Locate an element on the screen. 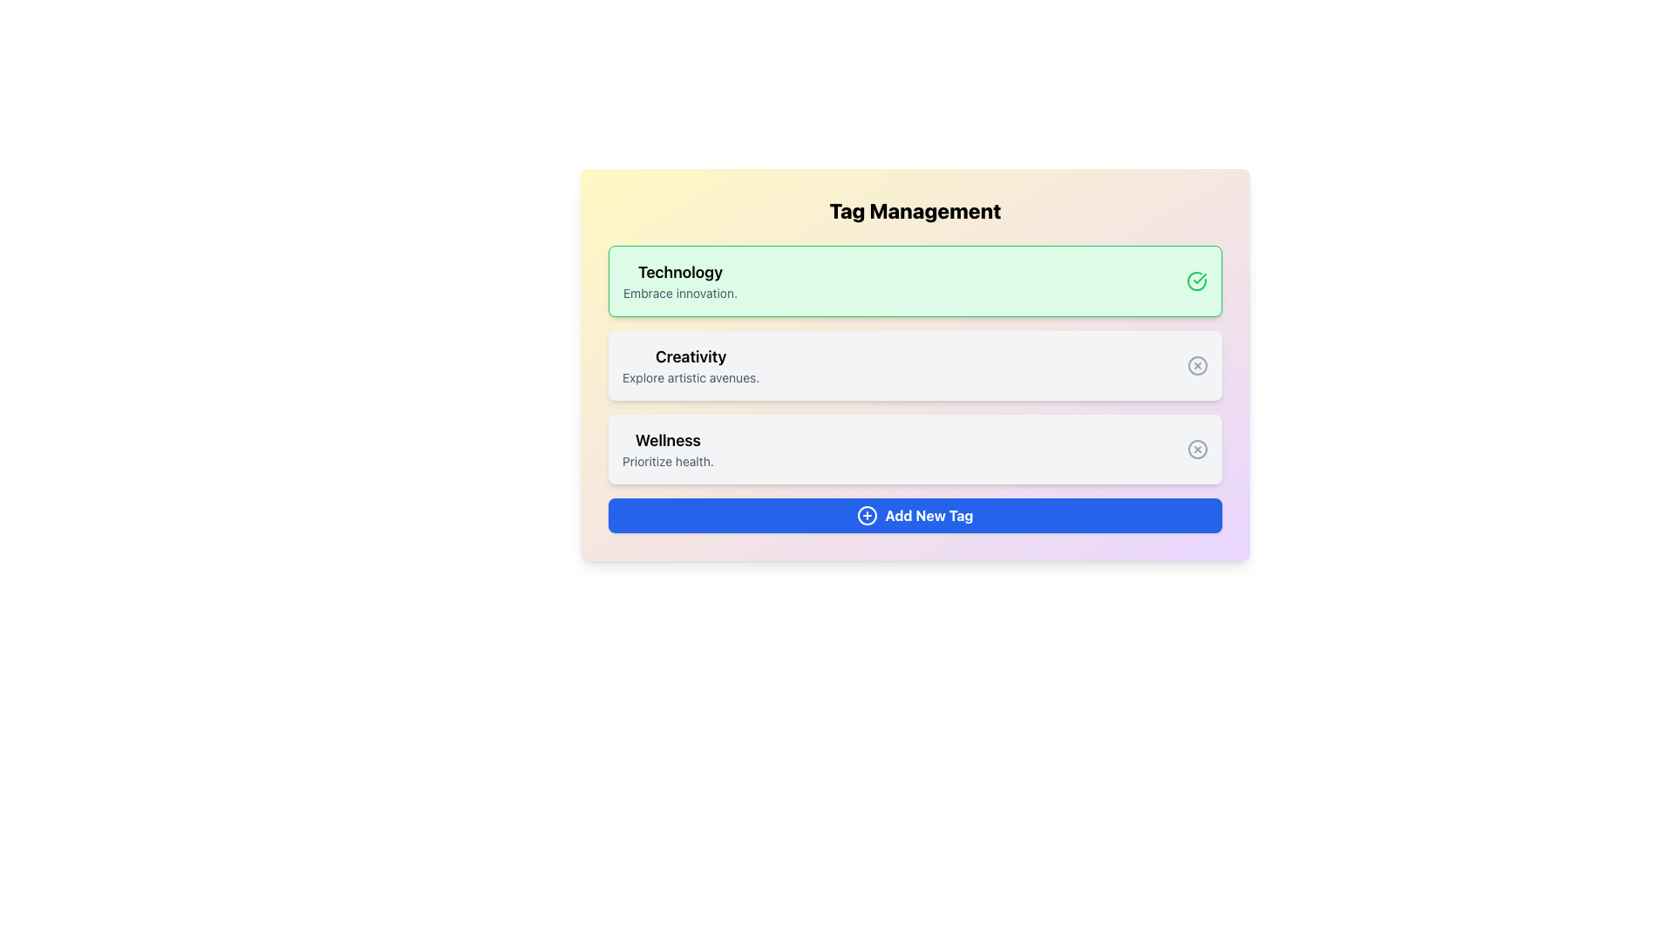 The height and width of the screenshot is (941, 1674). the secondary label text that provides additional context for the 'Wellness' category, located below the 'Wellness' heading in the third item of the vertical list is located at coordinates (667, 460).